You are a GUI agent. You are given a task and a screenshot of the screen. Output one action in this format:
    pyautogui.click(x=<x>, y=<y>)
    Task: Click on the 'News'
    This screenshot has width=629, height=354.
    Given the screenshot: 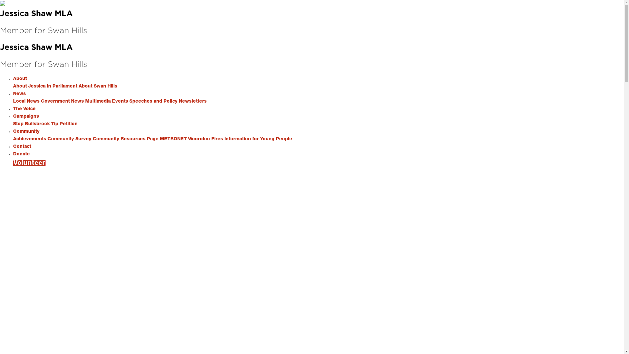 What is the action you would take?
    pyautogui.click(x=13, y=93)
    